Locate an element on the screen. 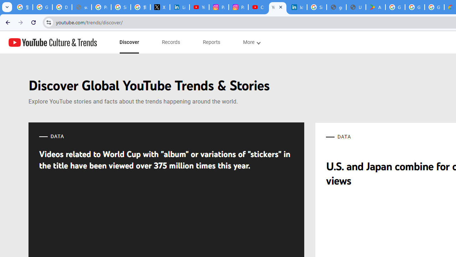 The width and height of the screenshot is (456, 257). 'Google Workspace - Specific Terms' is located at coordinates (415, 7).